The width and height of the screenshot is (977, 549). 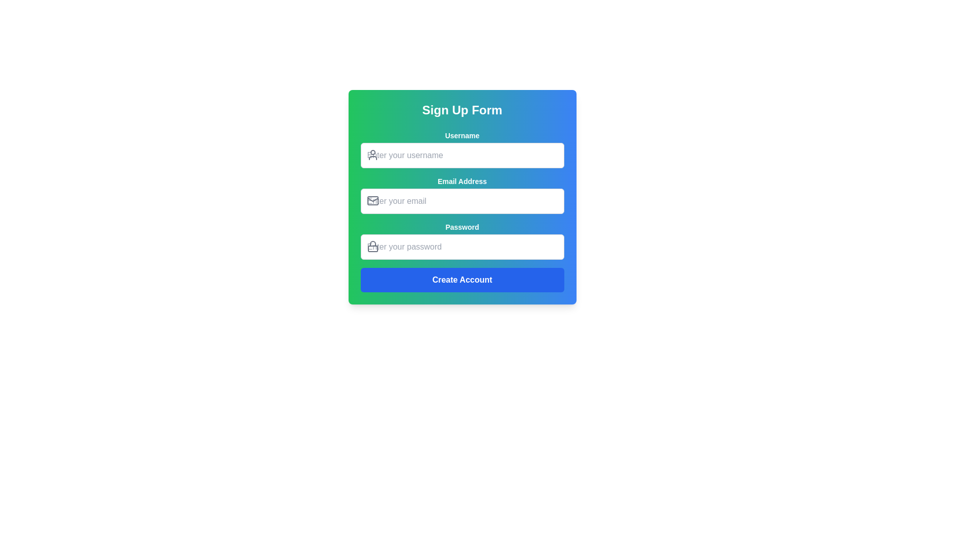 I want to click on the lock icon component, which resembles a padlock's shank and is positioned to the left of the 'Password' input field in the sign-up form, so click(x=372, y=243).